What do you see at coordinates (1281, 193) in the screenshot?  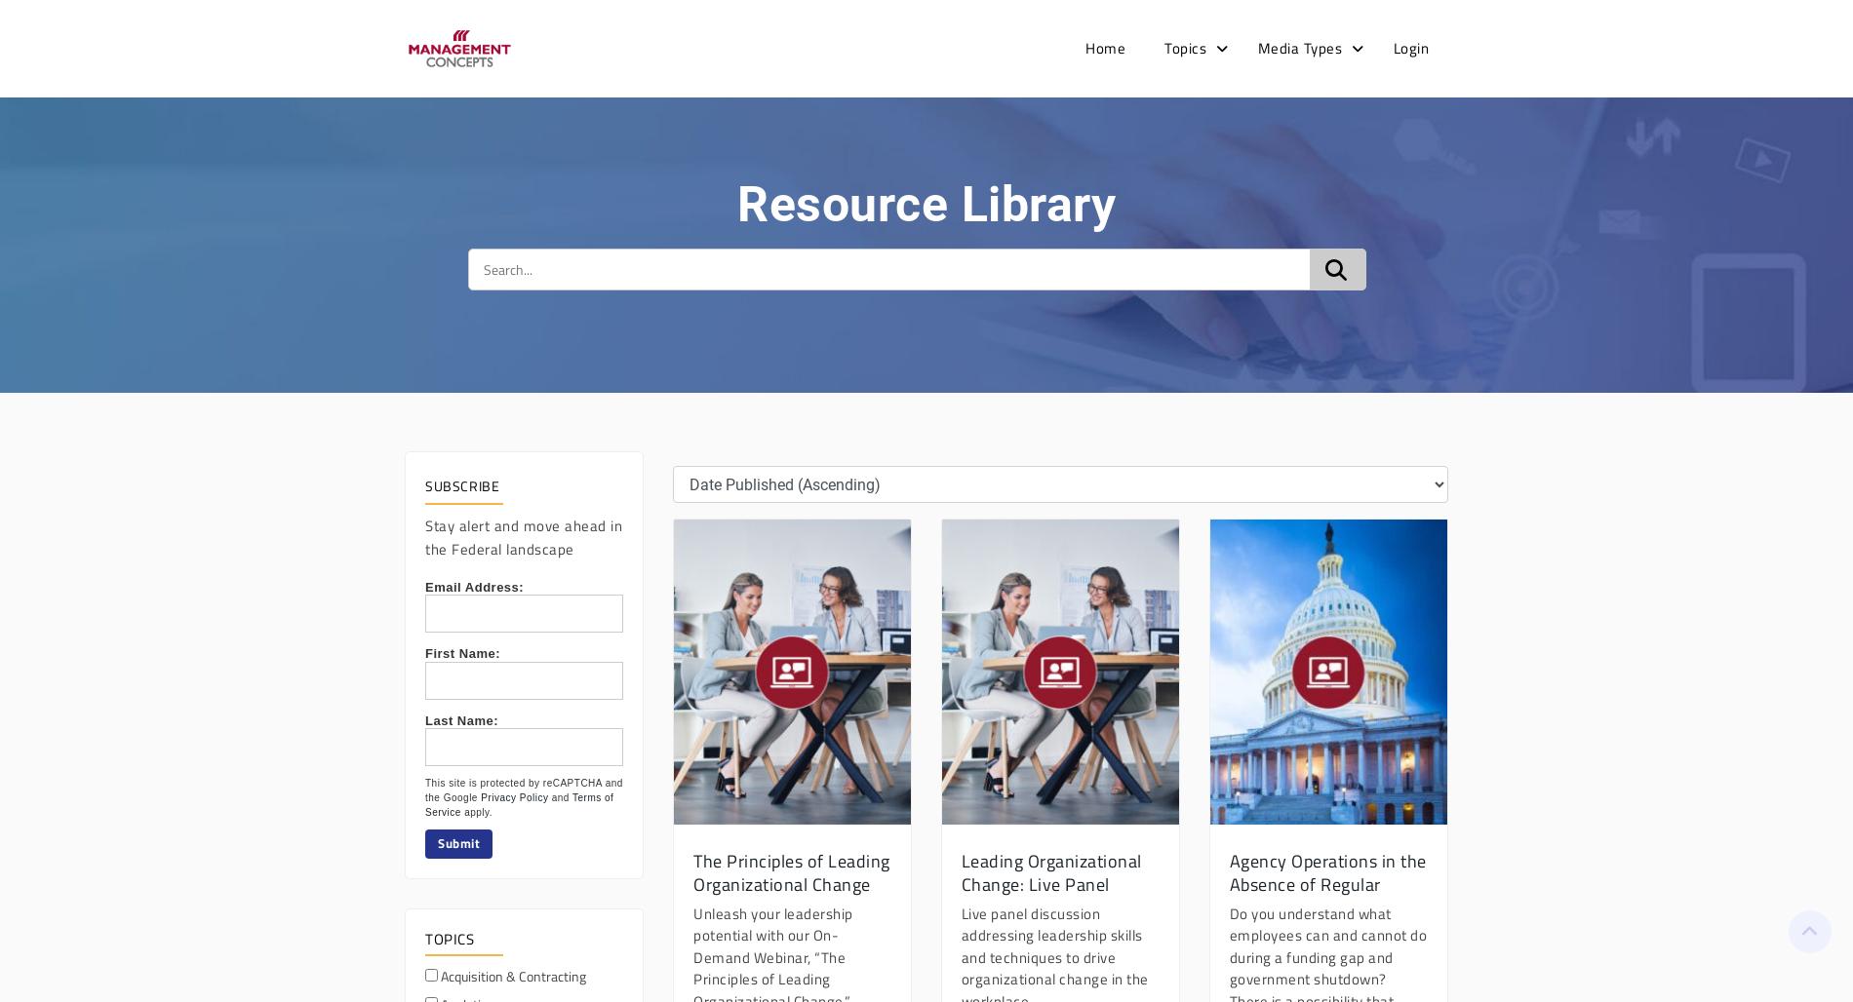 I see `'eBooks'` at bounding box center [1281, 193].